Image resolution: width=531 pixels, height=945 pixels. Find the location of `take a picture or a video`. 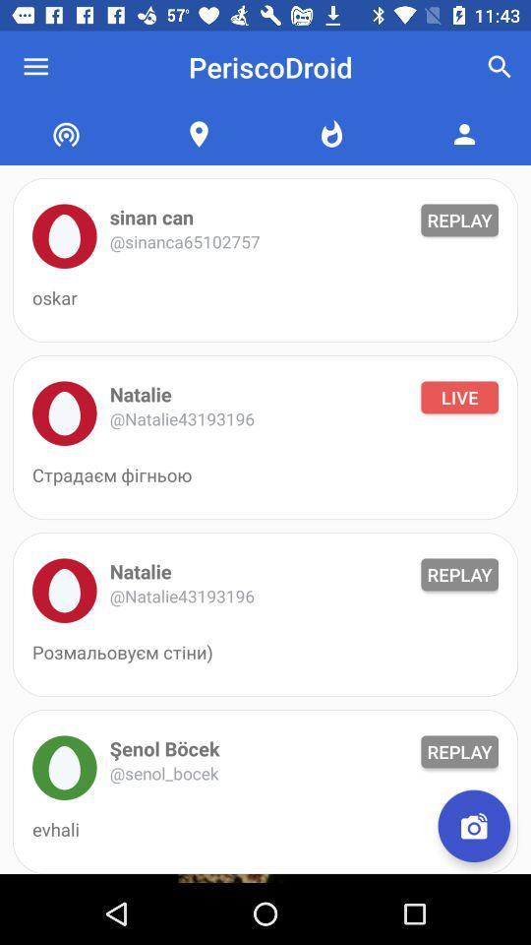

take a picture or a video is located at coordinates (473, 826).